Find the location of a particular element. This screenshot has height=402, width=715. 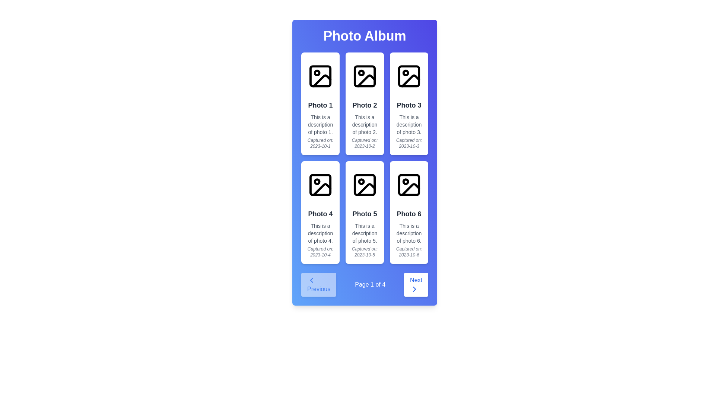

the SVG rectangle element that is the top-left component of the image icon above 'Photo 4' in the grid layout is located at coordinates (320, 185).